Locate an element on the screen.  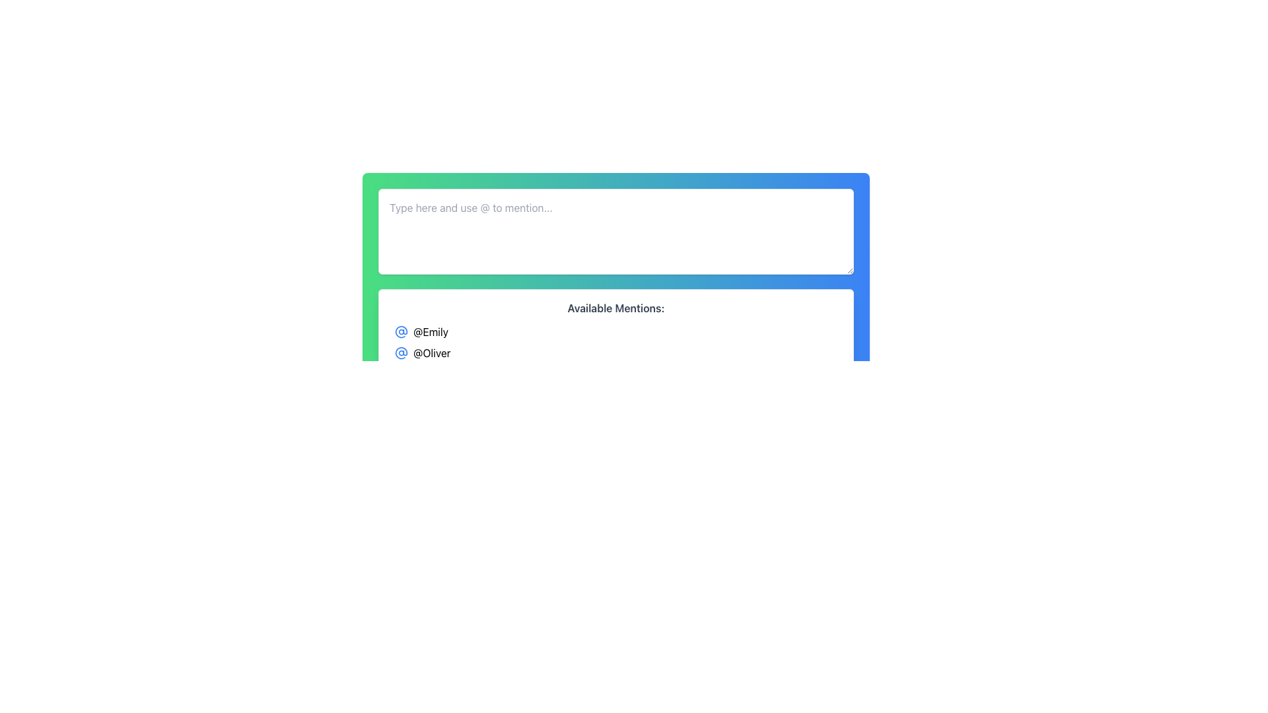
the '@Oliver' mention icon is located at coordinates (401, 353).